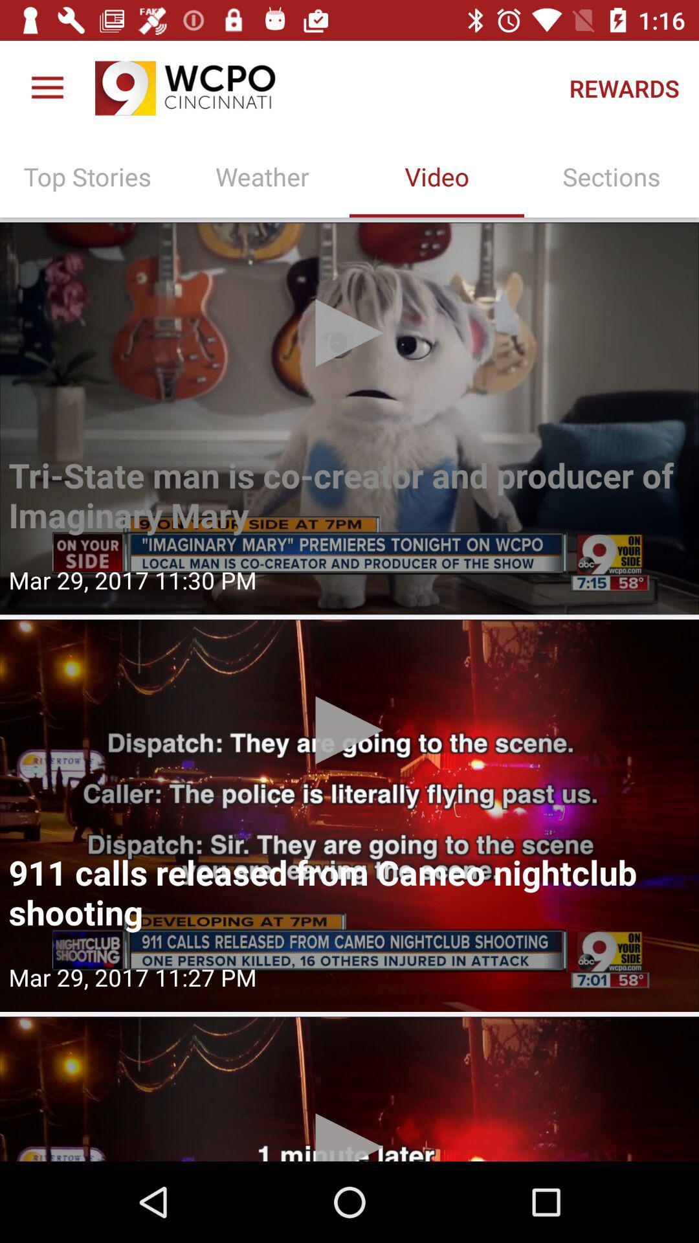 The height and width of the screenshot is (1243, 699). I want to click on the item above the sections item, so click(623, 87).